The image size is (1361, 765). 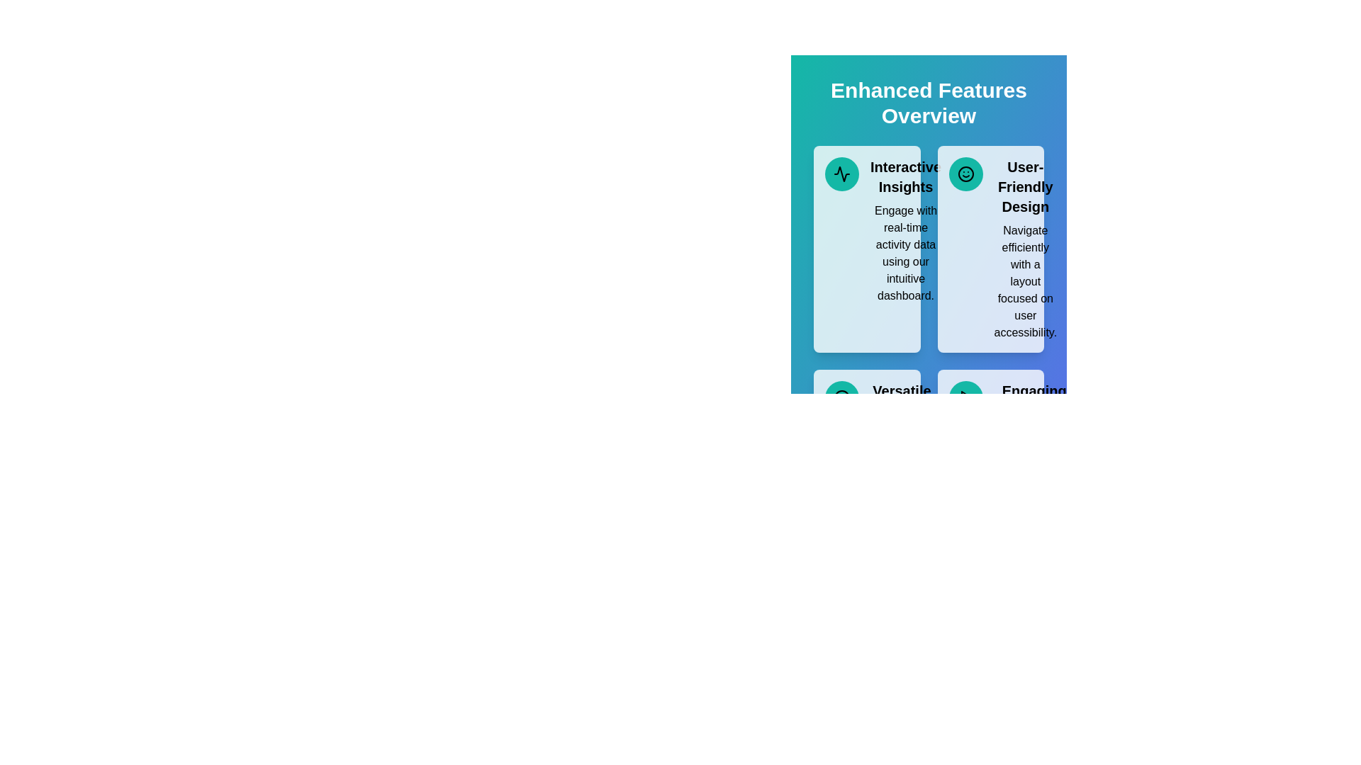 What do you see at coordinates (842, 398) in the screenshot?
I see `the SVG Circle Element, which is a circular shape with a distinct stroke, positioned in the lower region of a card-like UI component in a 24x24 scalable vector graphic icon` at bounding box center [842, 398].